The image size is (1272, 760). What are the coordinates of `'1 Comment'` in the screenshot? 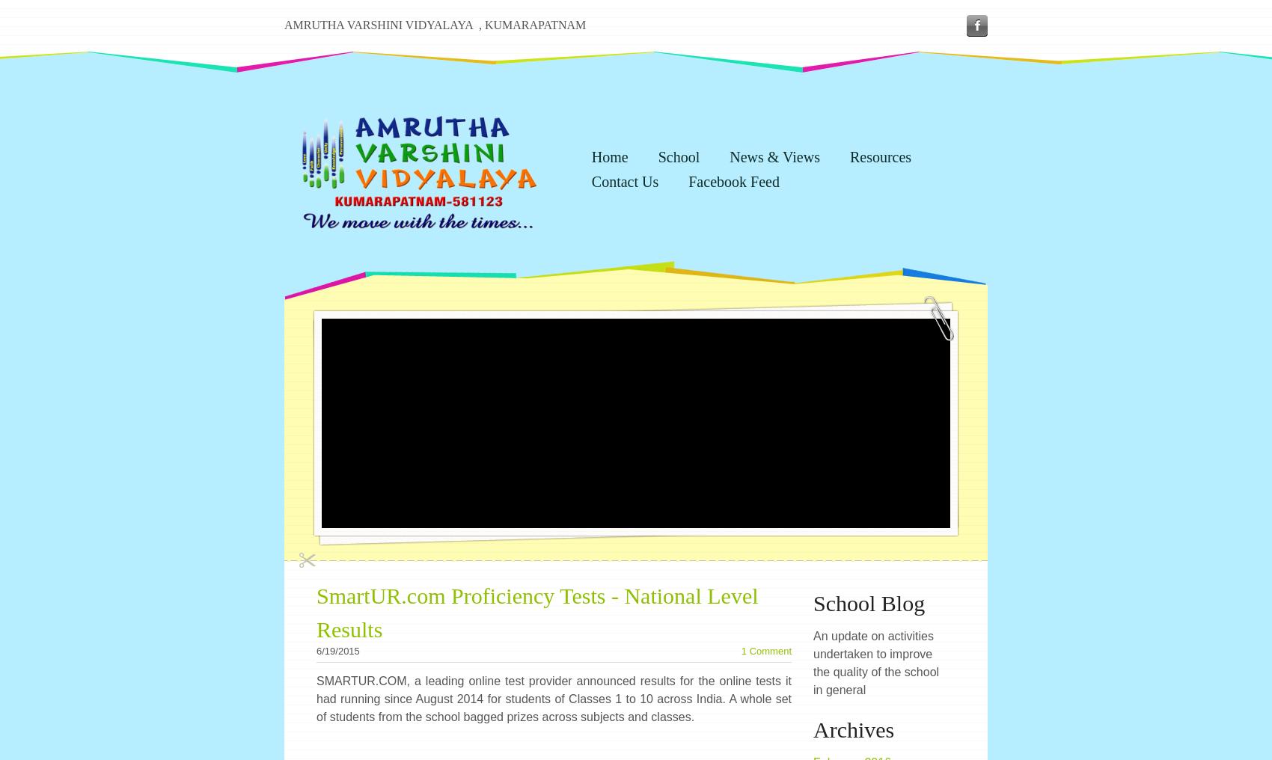 It's located at (765, 651).